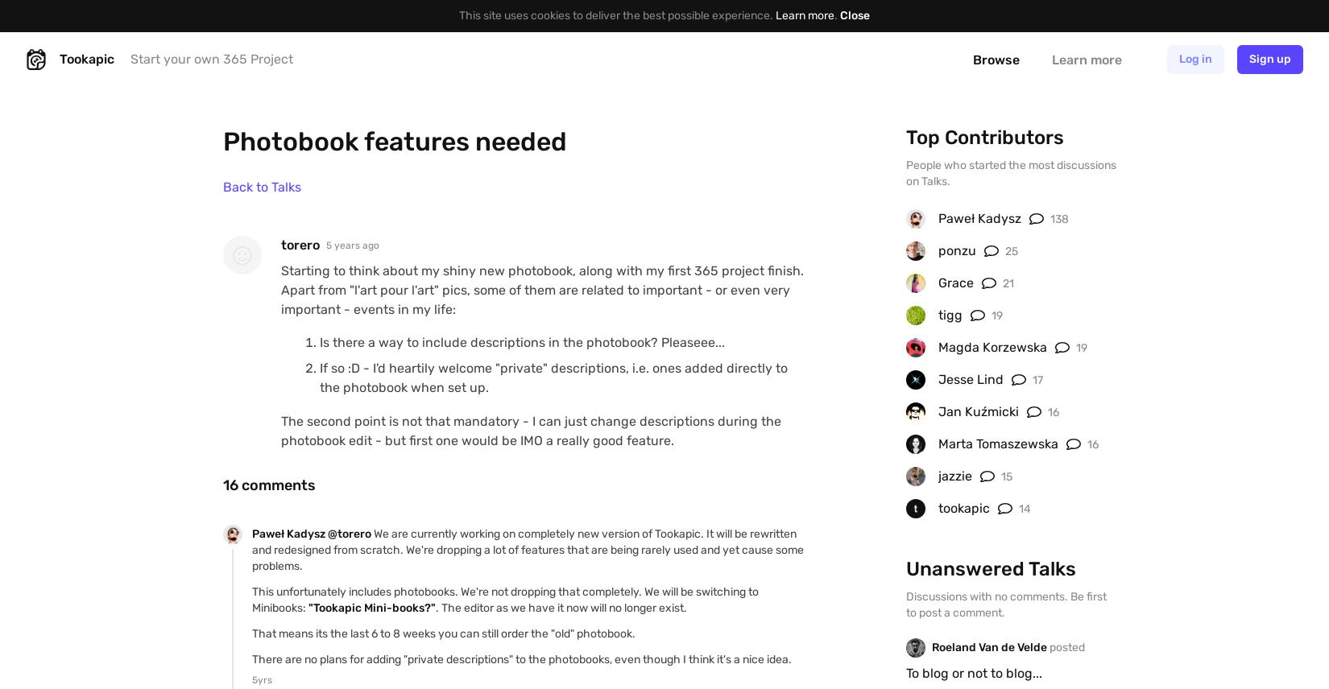  I want to click on 'Starting to think about my shiny new photobook, along with my first 365 project finish. Apart from "l'art pour l'art" pics, some of them are related to important - or even very important - events in my life:', so click(541, 290).